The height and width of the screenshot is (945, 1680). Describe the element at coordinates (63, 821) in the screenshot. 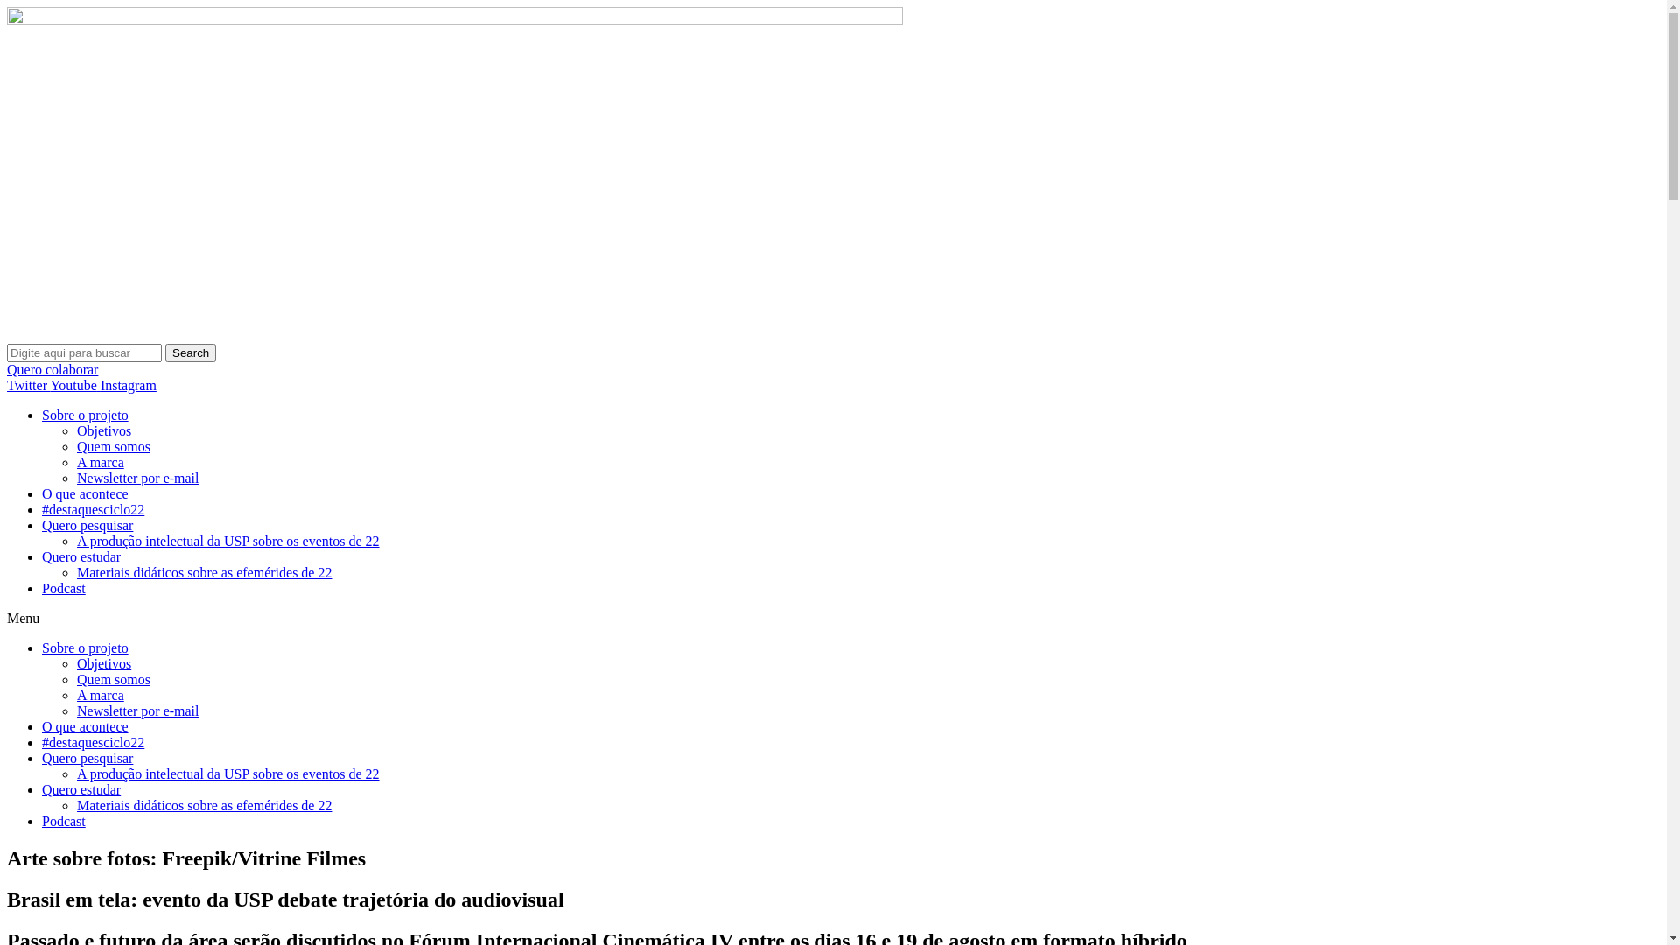

I see `'Podcast'` at that location.